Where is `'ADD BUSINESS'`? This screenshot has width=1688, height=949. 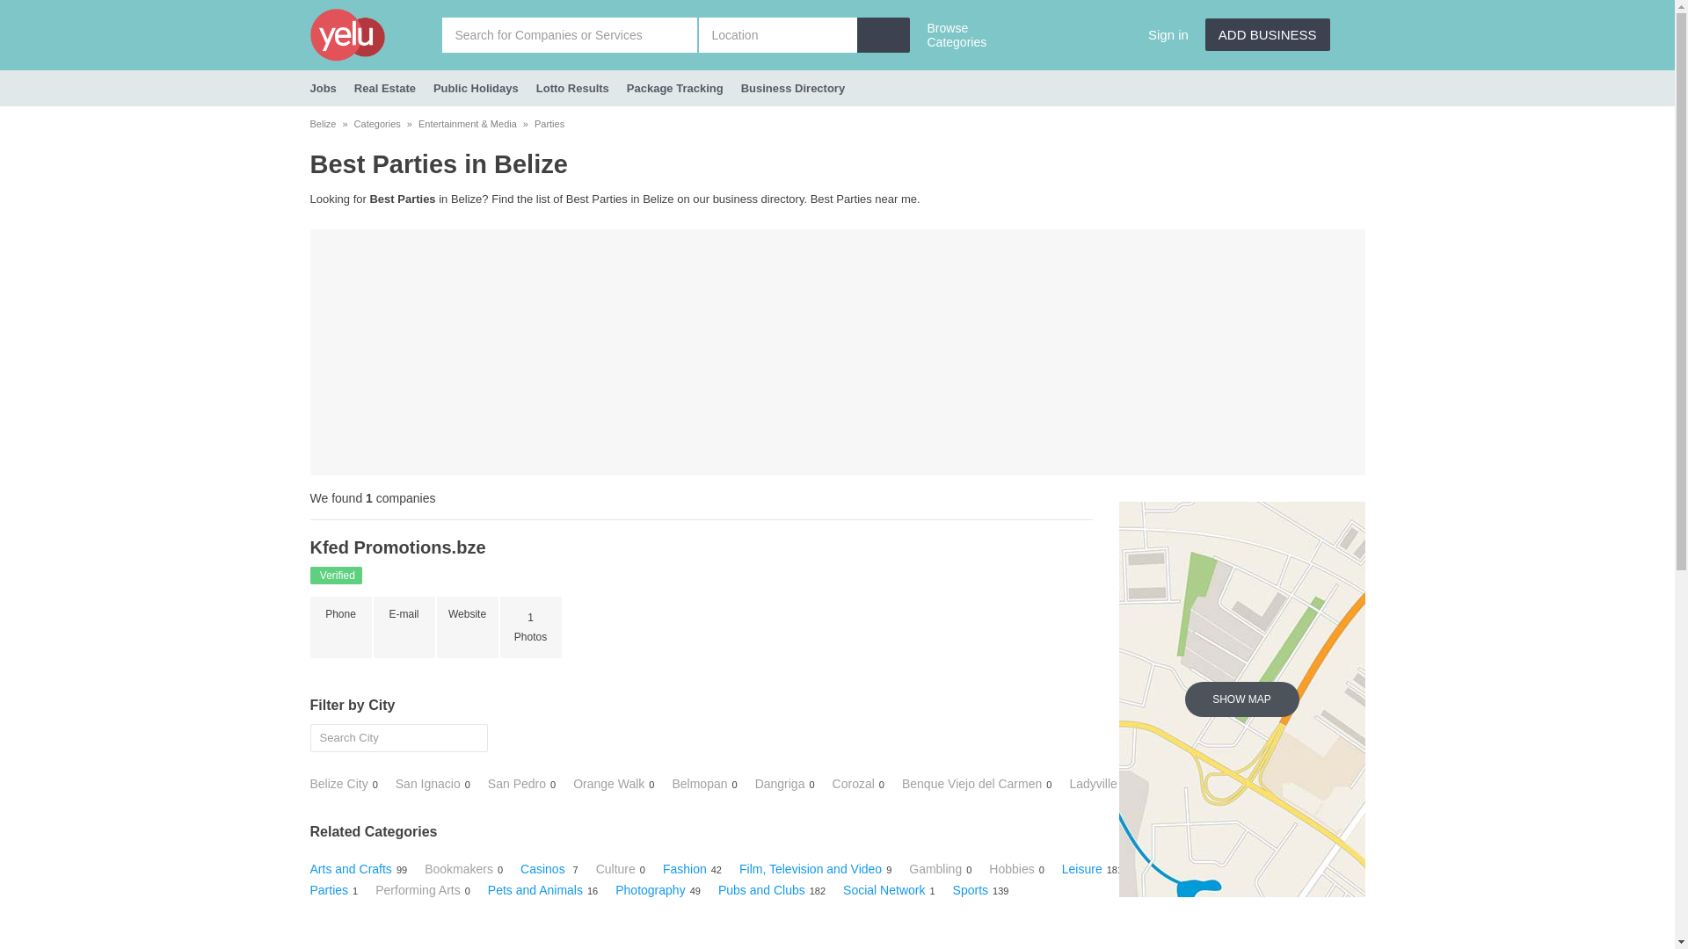
'ADD BUSINESS' is located at coordinates (1267, 34).